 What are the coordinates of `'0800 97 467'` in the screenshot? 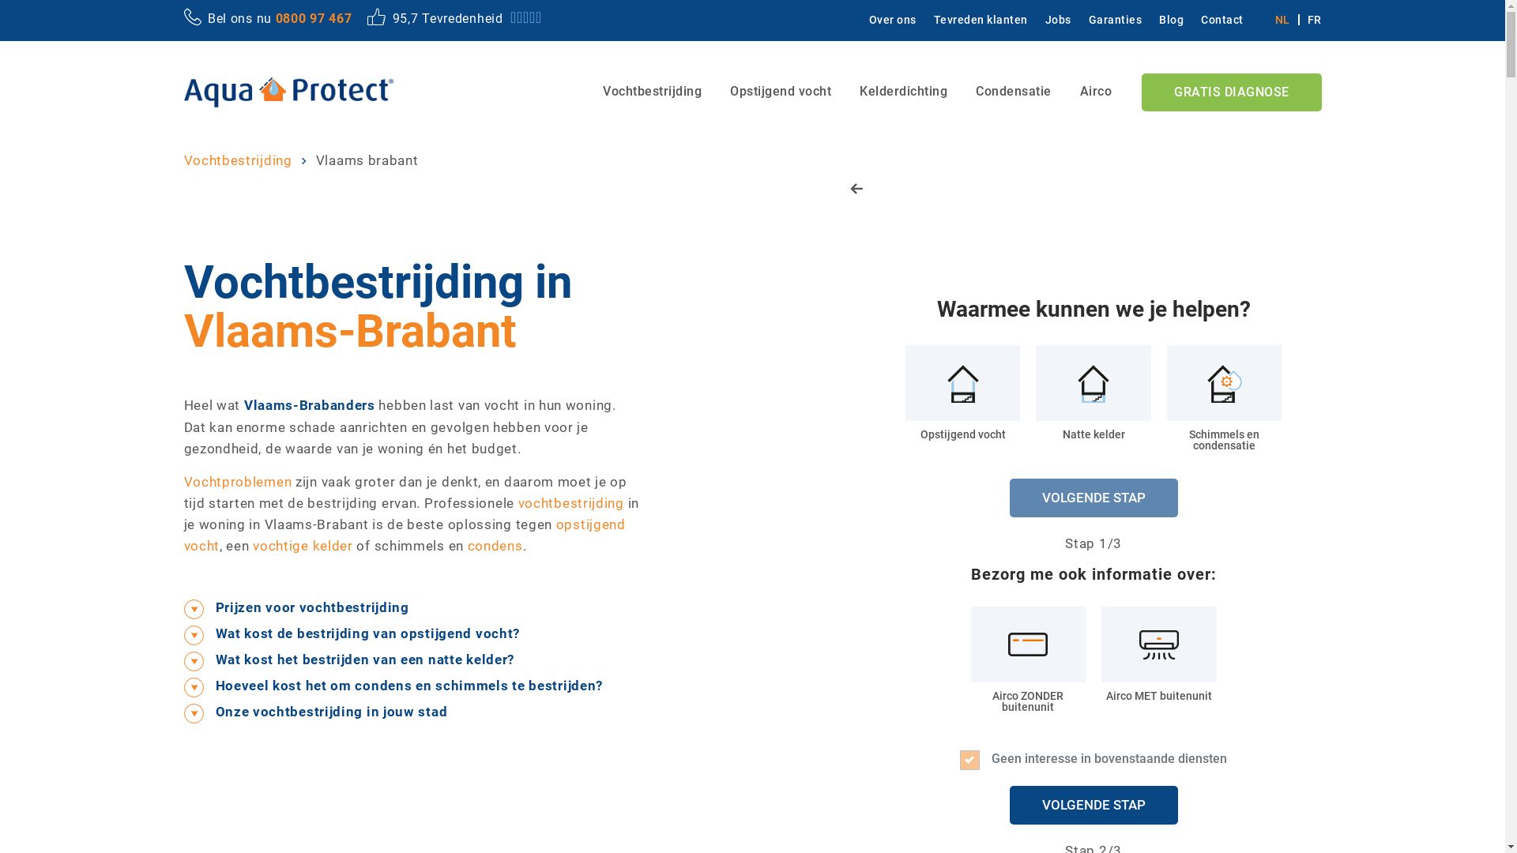 It's located at (314, 18).